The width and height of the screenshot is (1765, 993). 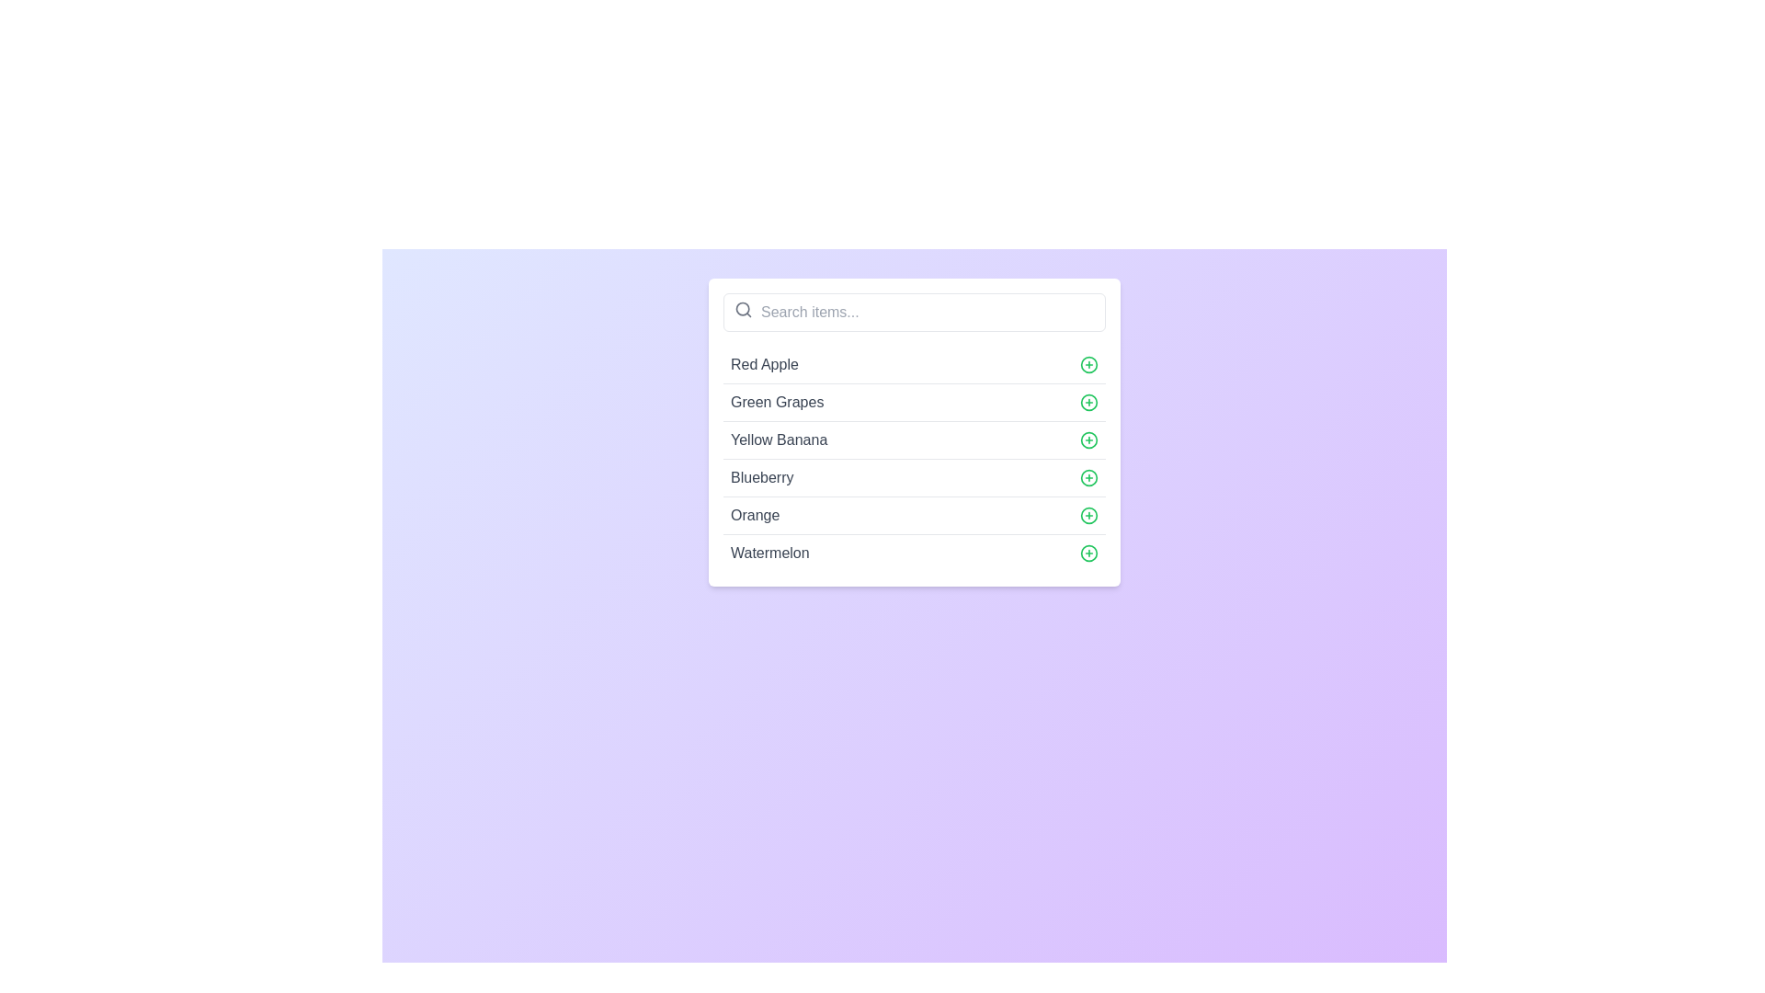 What do you see at coordinates (762, 477) in the screenshot?
I see `the text label displaying 'Blueberry', which is styled in gray font and located within the fourth item of a vertically arranged list, to the left of a green plus sign icon` at bounding box center [762, 477].